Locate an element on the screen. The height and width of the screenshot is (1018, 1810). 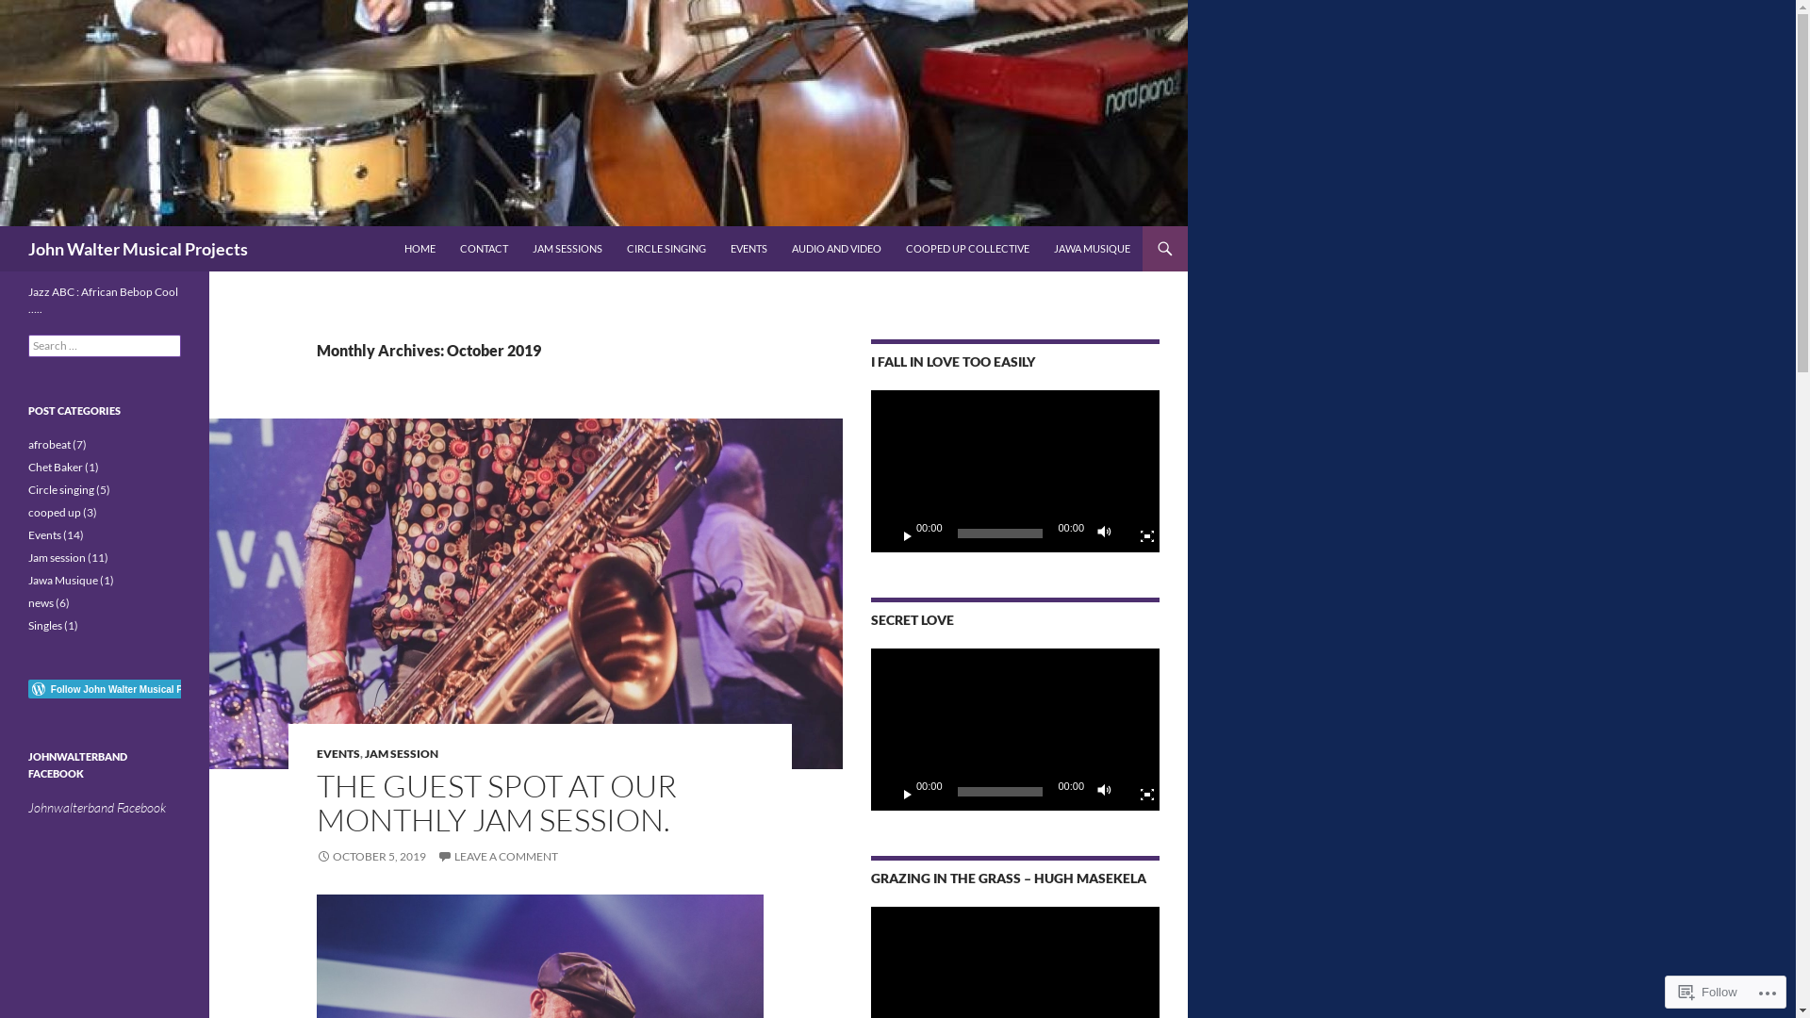
'Mute' is located at coordinates (1109, 792).